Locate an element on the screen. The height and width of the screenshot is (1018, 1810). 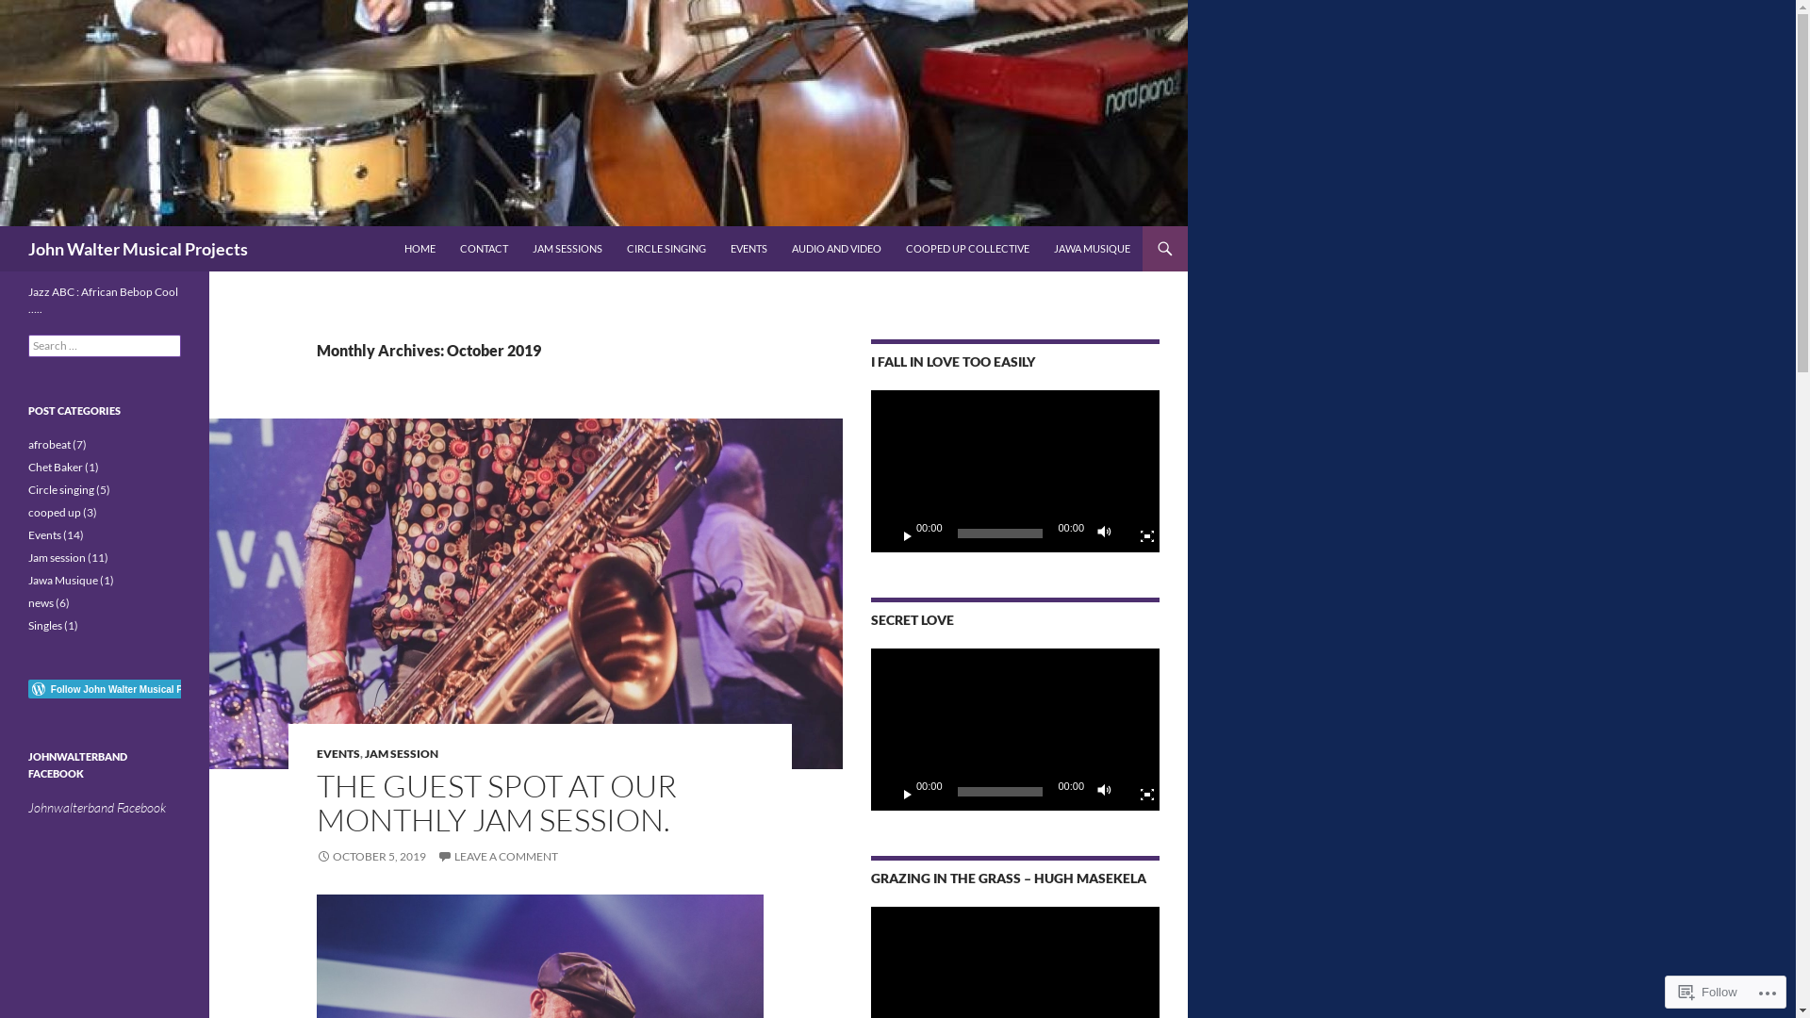
'Mute' is located at coordinates (1109, 792).